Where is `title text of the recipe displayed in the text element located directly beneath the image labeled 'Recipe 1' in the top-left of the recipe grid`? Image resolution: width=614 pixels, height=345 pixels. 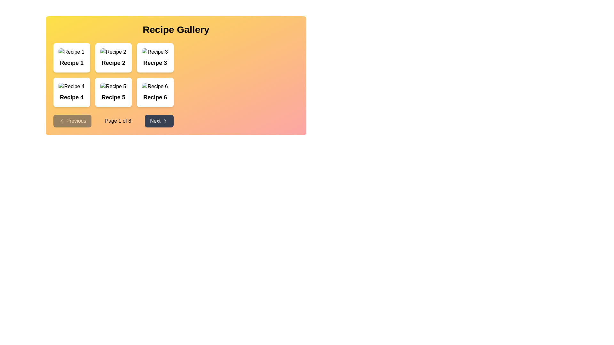 title text of the recipe displayed in the text element located directly beneath the image labeled 'Recipe 1' in the top-left of the recipe grid is located at coordinates (72, 63).